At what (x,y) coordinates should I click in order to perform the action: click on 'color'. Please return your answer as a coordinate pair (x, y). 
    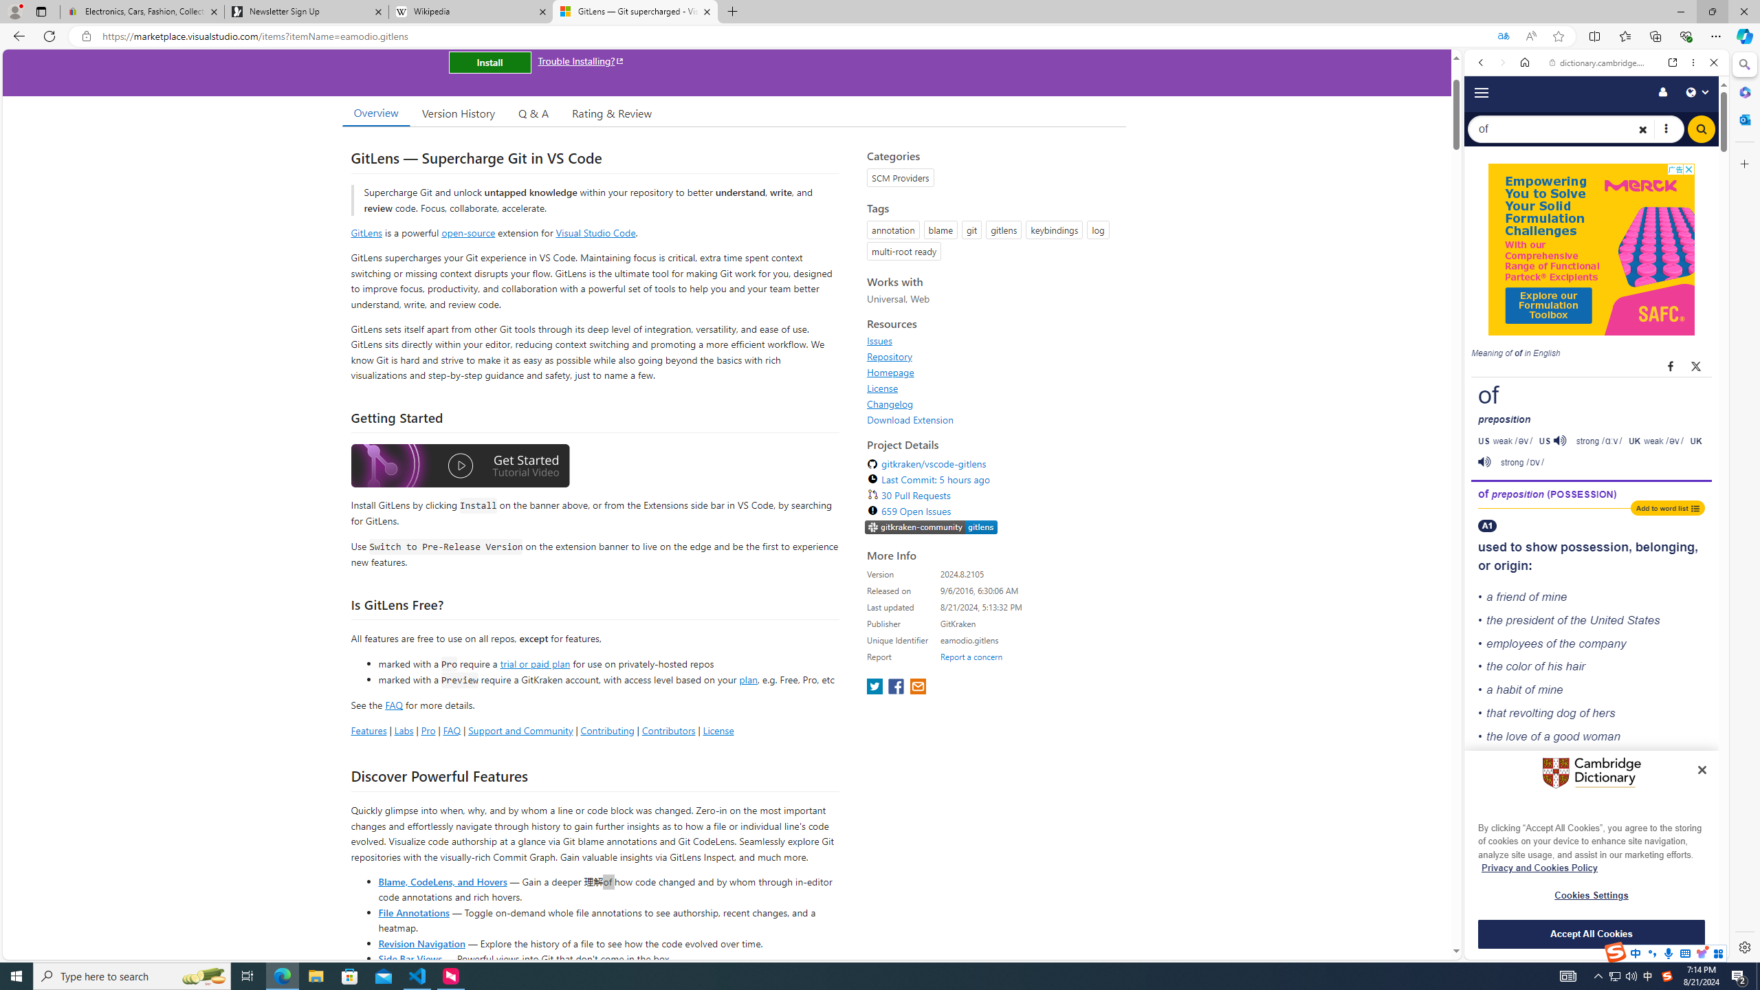
    Looking at the image, I should click on (1518, 666).